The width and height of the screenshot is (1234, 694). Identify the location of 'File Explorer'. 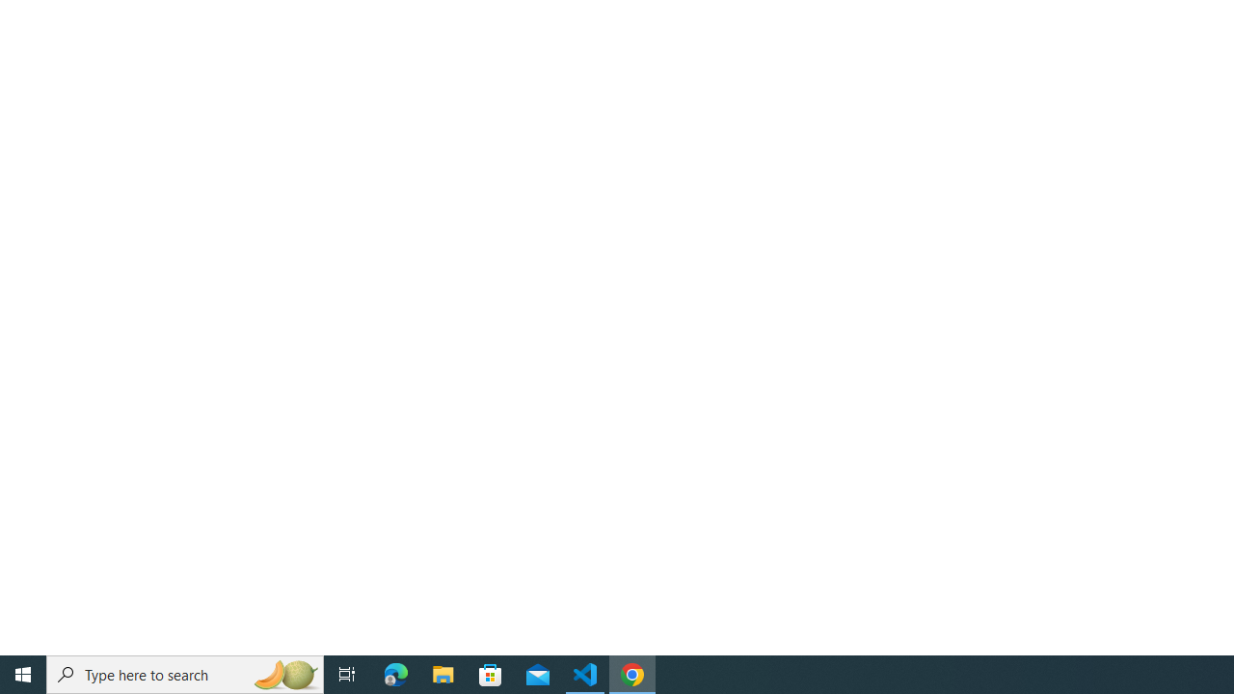
(443, 673).